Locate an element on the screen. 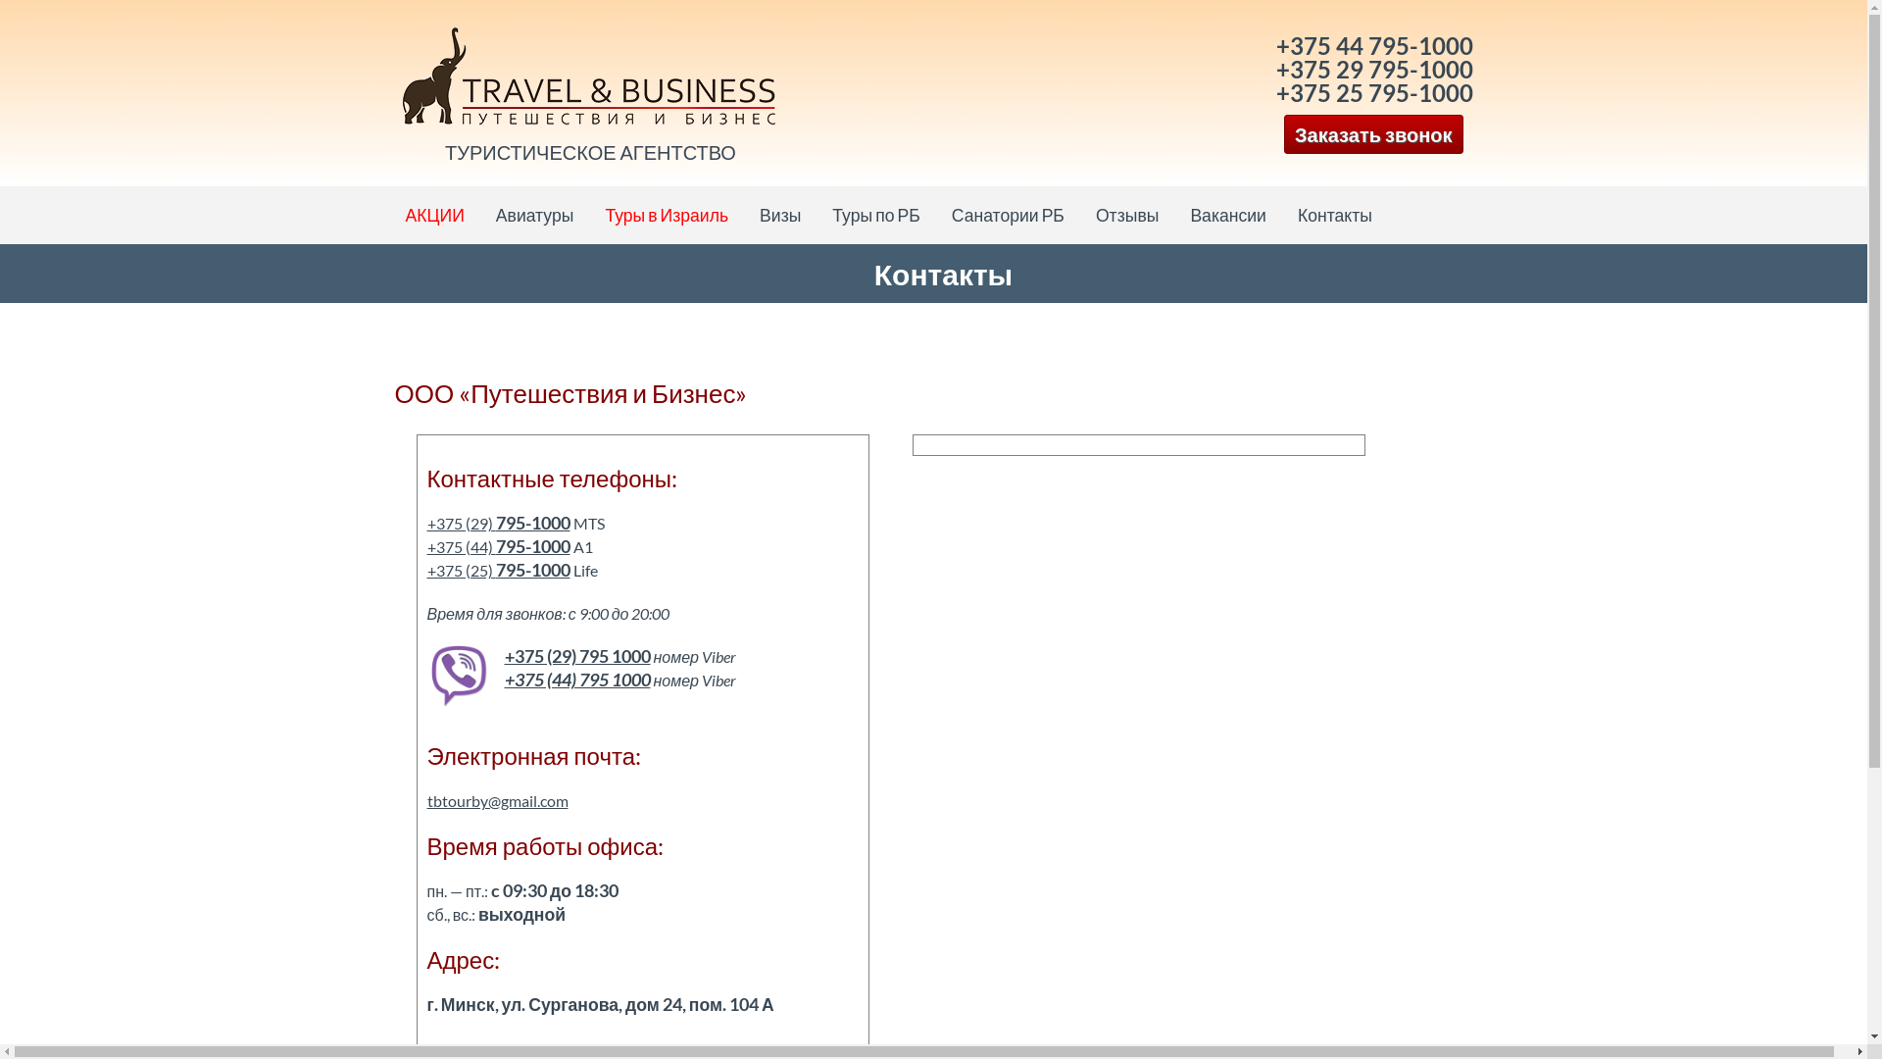 The image size is (1882, 1059). '+375 (44) 795-1000' is located at coordinates (498, 546).